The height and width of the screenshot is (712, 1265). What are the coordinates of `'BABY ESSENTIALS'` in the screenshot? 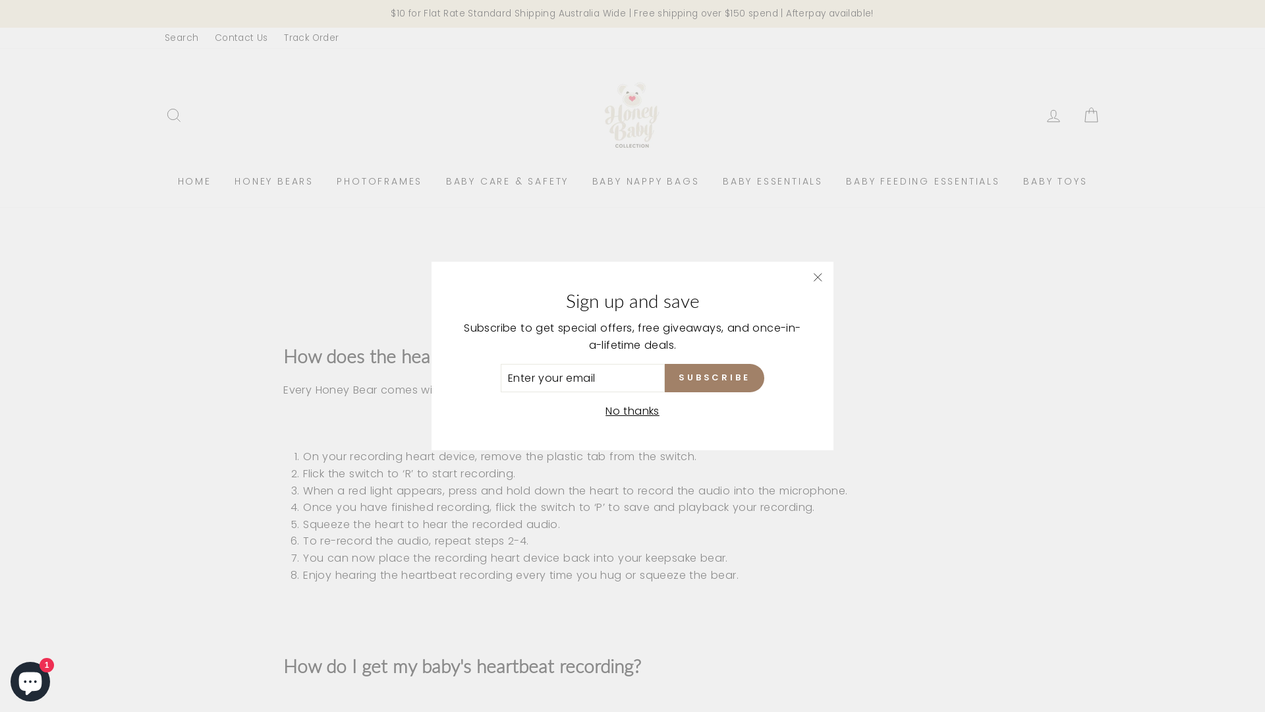 It's located at (772, 181).